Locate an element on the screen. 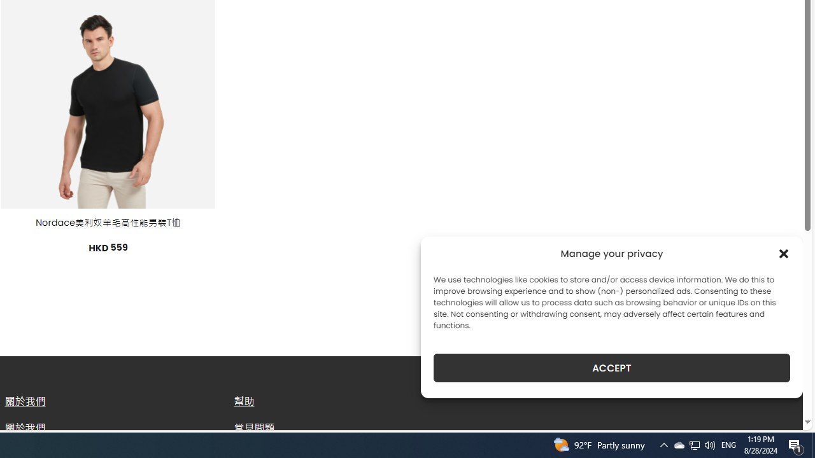 The image size is (815, 458). 'ACCEPT' is located at coordinates (612, 368).